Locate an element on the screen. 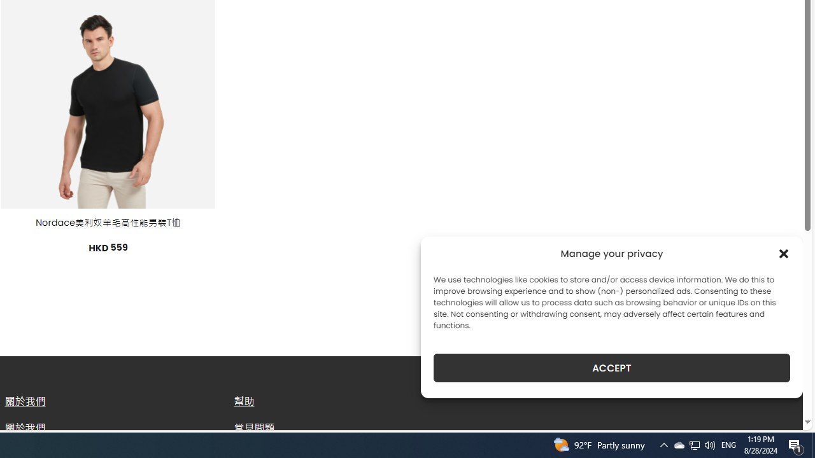 The image size is (815, 458). 'ACCEPT' is located at coordinates (612, 368).